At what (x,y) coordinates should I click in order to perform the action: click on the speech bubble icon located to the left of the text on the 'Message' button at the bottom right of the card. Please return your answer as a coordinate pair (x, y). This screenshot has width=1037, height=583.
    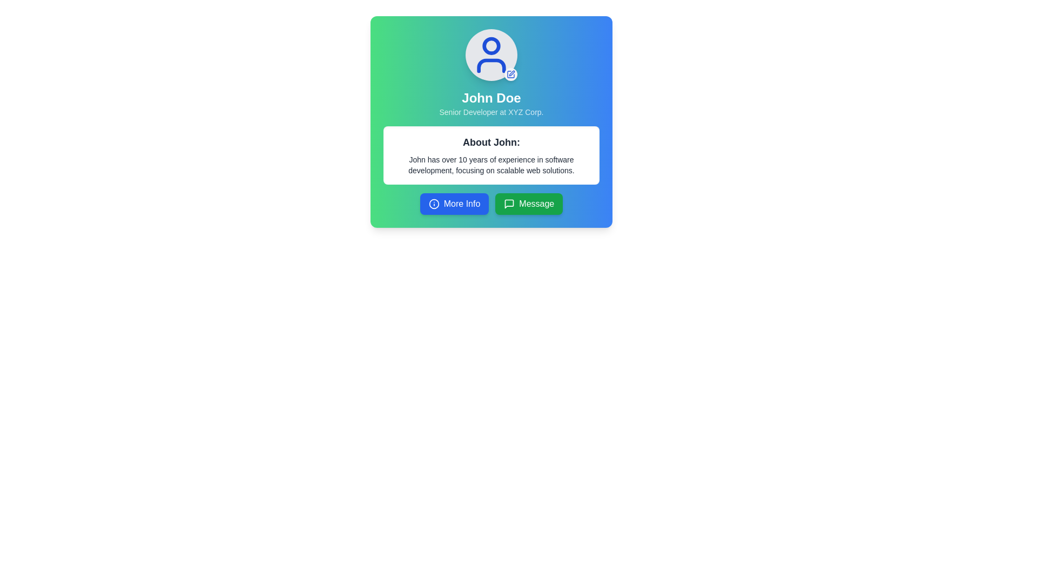
    Looking at the image, I should click on (509, 204).